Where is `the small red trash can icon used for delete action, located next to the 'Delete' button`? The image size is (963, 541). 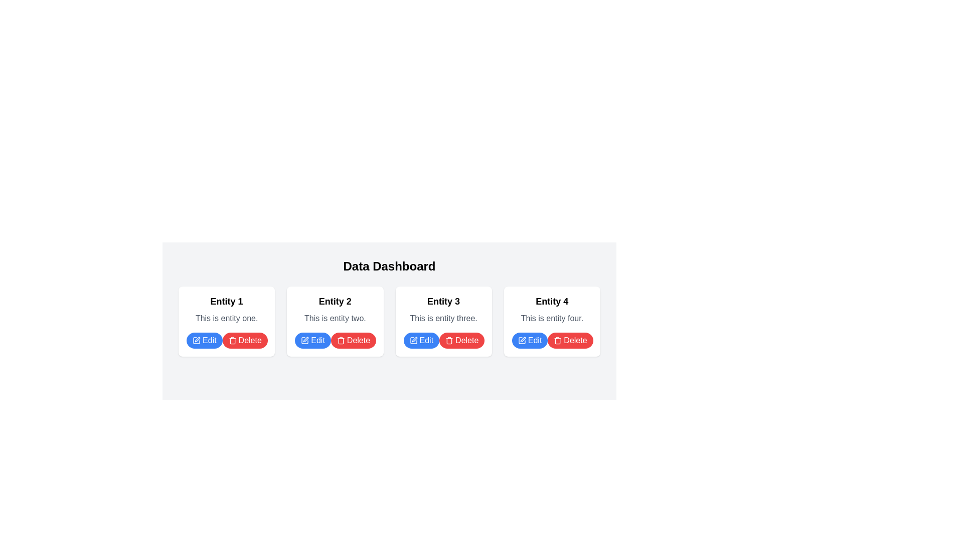
the small red trash can icon used for delete action, located next to the 'Delete' button is located at coordinates (449, 340).